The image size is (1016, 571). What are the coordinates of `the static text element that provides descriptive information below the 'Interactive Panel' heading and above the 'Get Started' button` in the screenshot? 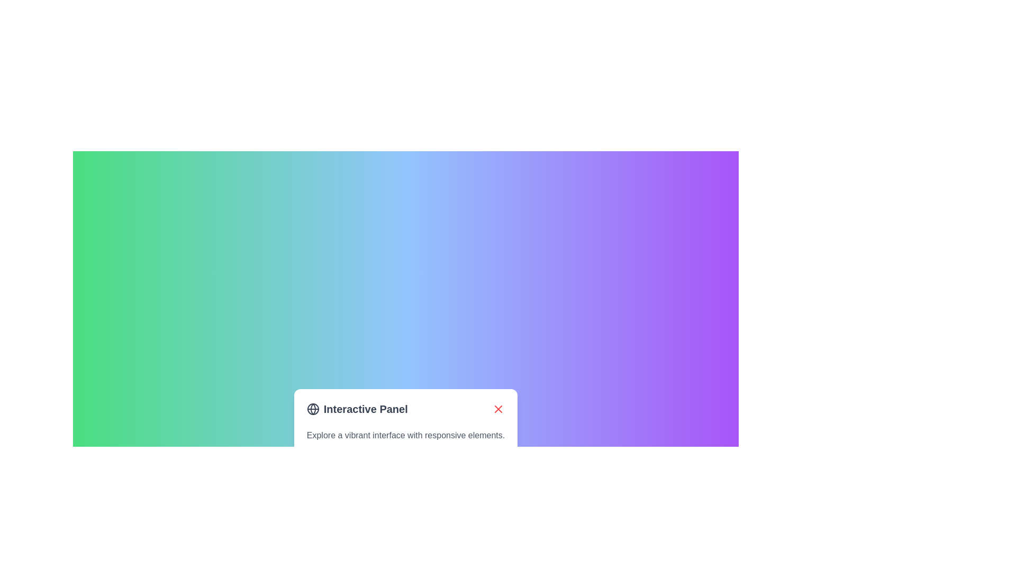 It's located at (405, 436).